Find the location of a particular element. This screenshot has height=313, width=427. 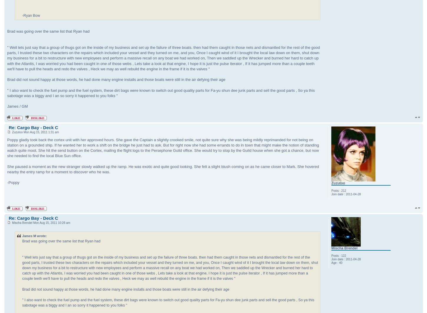

'Zuzutoo' is located at coordinates (337, 183).